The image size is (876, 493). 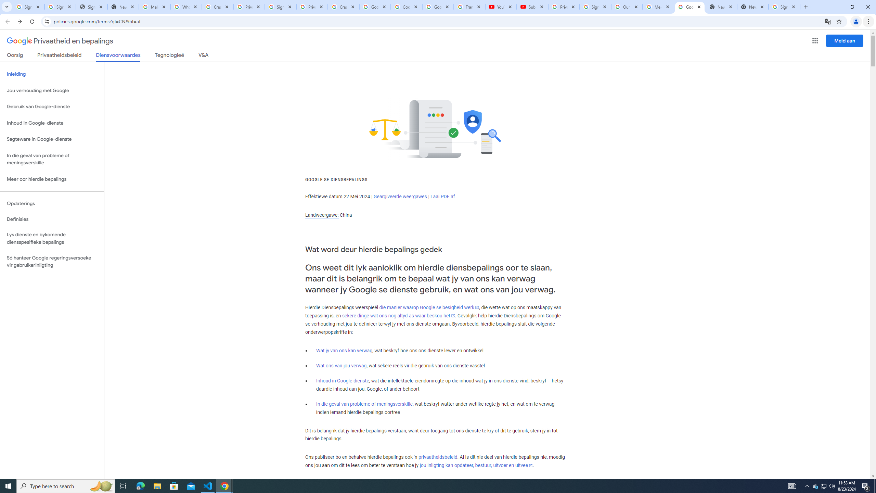 I want to click on 'Subscriptions - YouTube', so click(x=532, y=7).